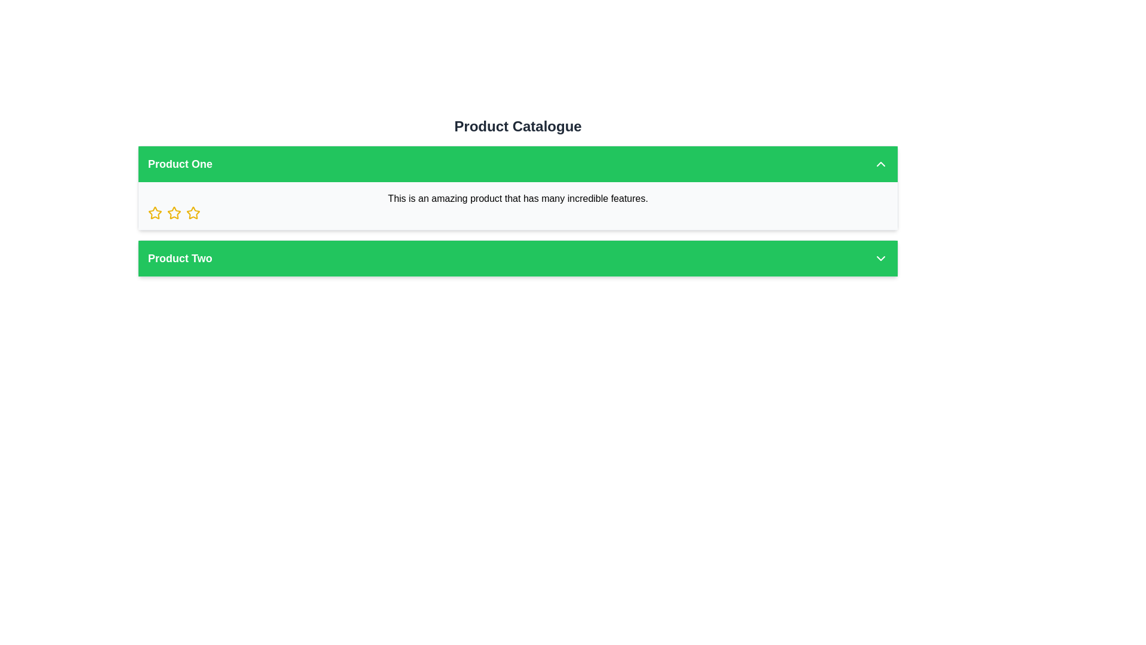 This screenshot has height=645, width=1146. Describe the element at coordinates (518, 205) in the screenshot. I see `text content block displaying 'This is an amazing product that has many incredible features.' located beneath the header 'Product One'` at that location.